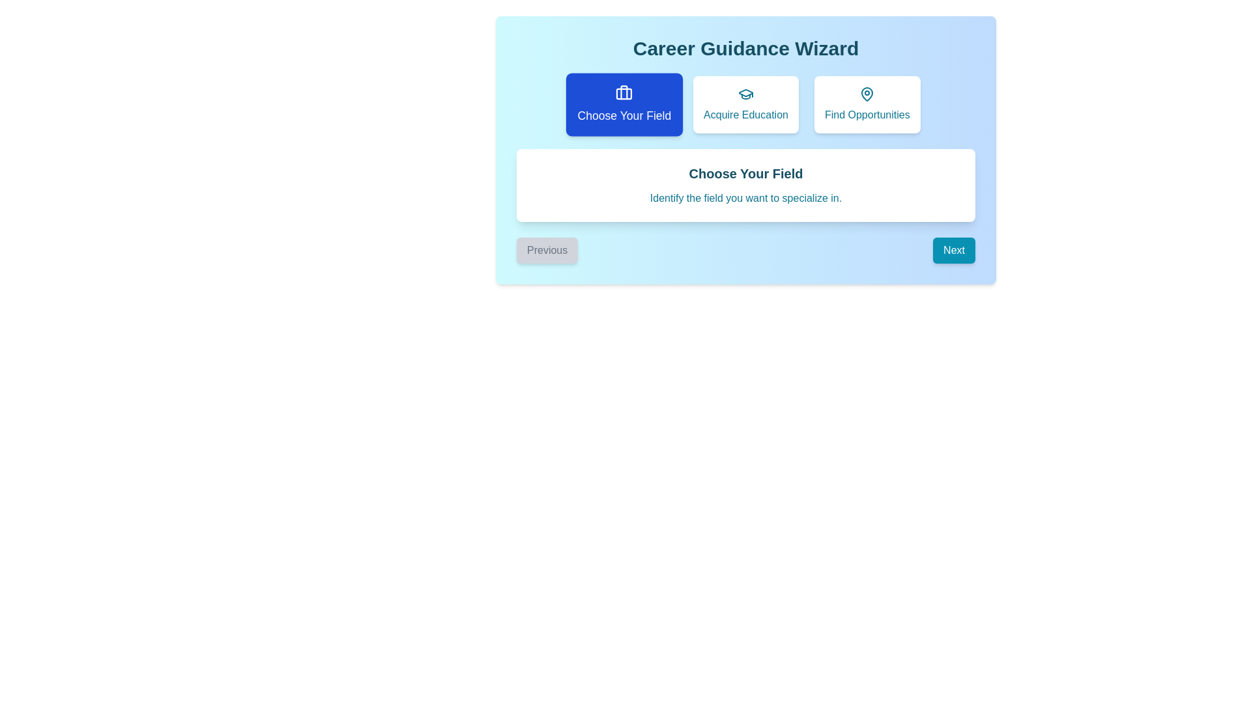 Image resolution: width=1251 pixels, height=703 pixels. Describe the element at coordinates (746, 94) in the screenshot. I see `the 'Acquire Education' icon, which is centrally positioned within the 'Acquire Education' button, located near the top portion of the interface` at that location.